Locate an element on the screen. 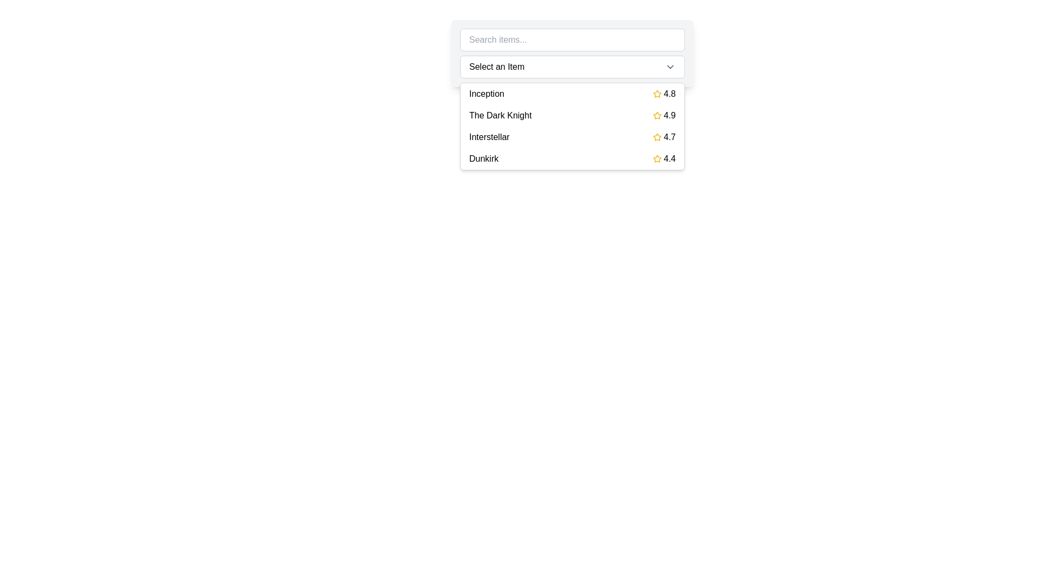  the yellow star icon representing a rating indicator for the entry 'Interstellar' with a rating value of '4.7' is located at coordinates (656, 137).